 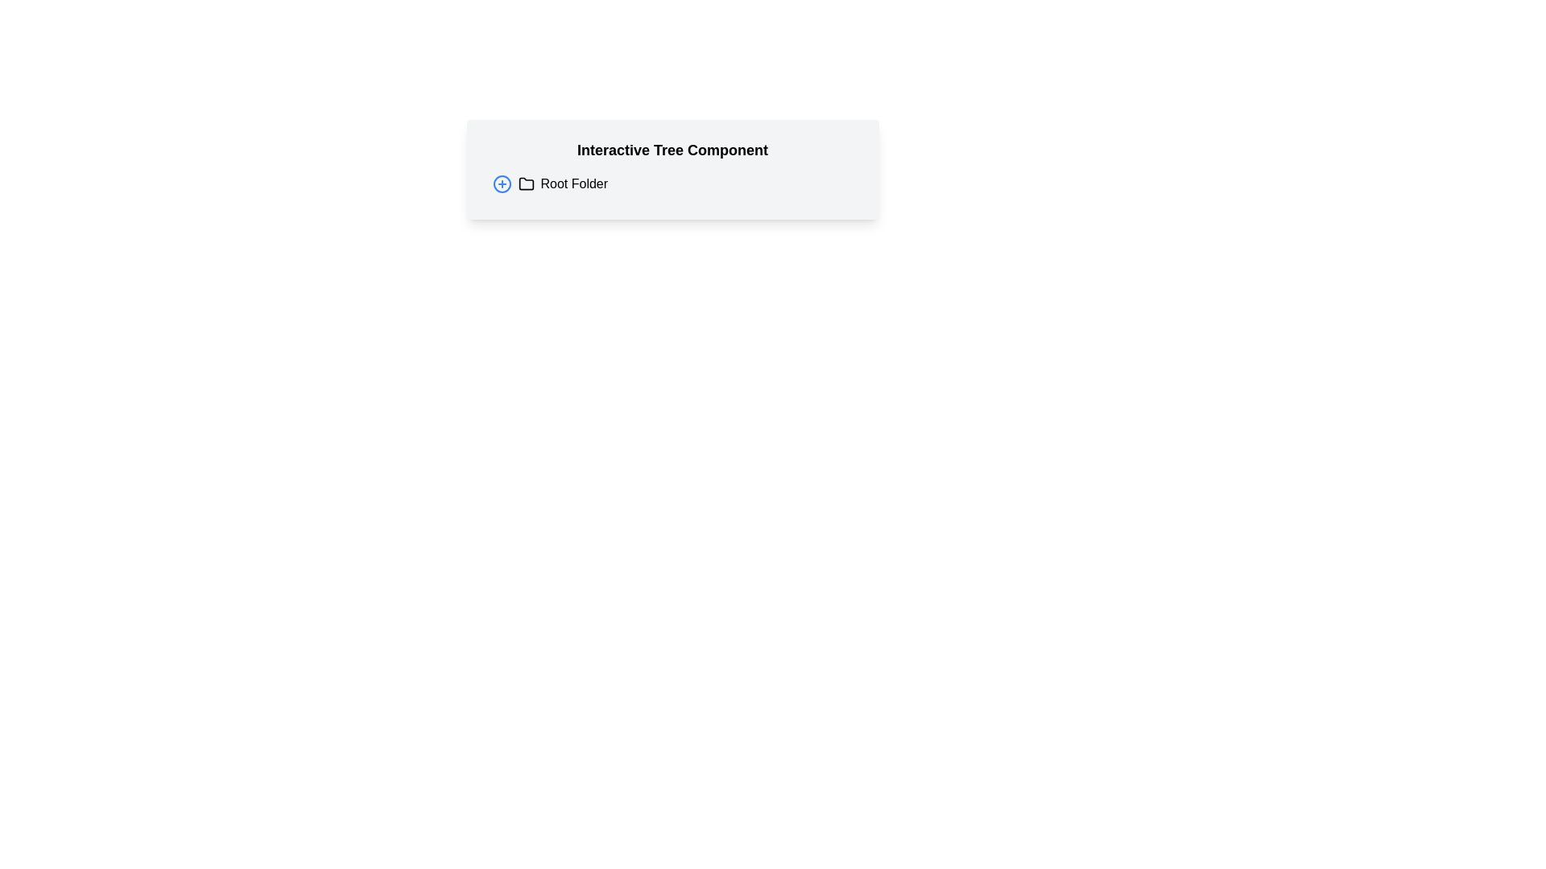 What do you see at coordinates (501, 183) in the screenshot?
I see `the action button located to the left of the 'Root Folder' text` at bounding box center [501, 183].